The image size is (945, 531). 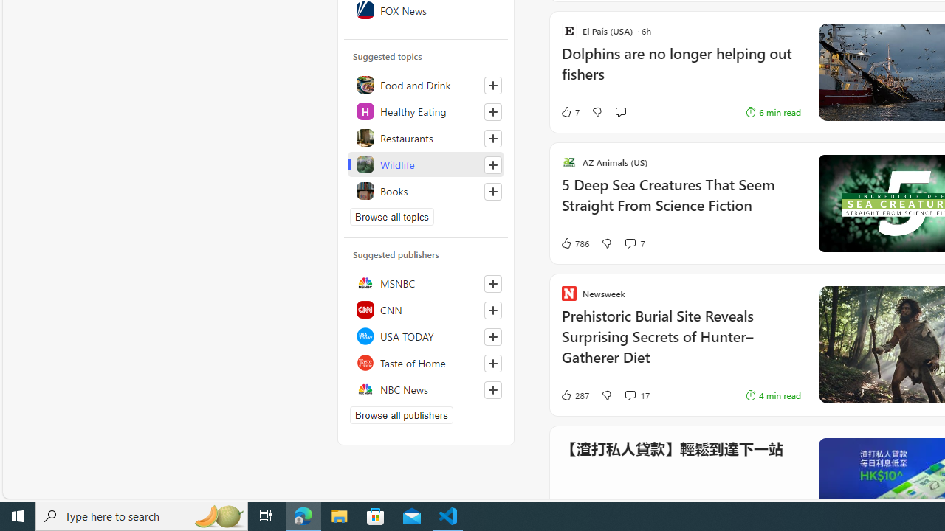 What do you see at coordinates (425, 283) in the screenshot?
I see `'MSNBC'` at bounding box center [425, 283].